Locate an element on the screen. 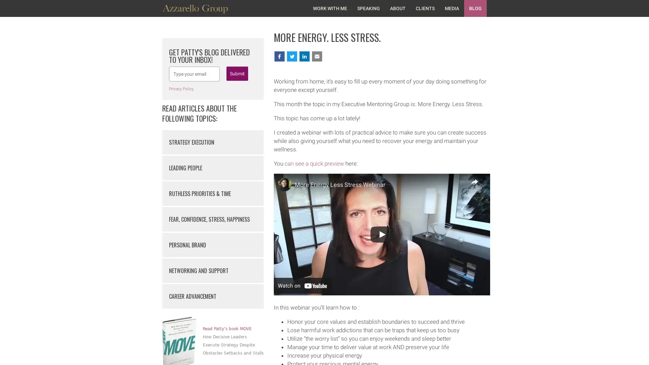  RUTHLESS PRIORITIES & TIME is located at coordinates (212, 194).